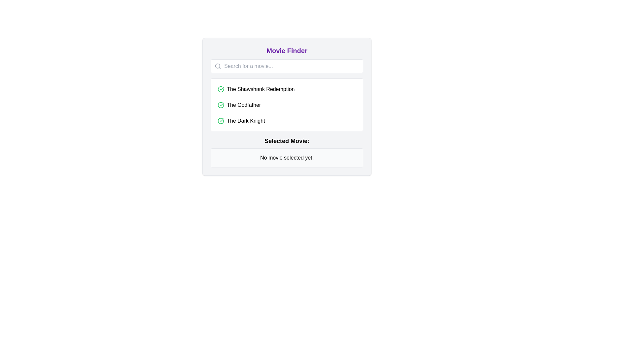  What do you see at coordinates (221, 89) in the screenshot?
I see `the circular checkmark icon with a green outline next to 'The Shawshank Redemption' to interact with the list item` at bounding box center [221, 89].